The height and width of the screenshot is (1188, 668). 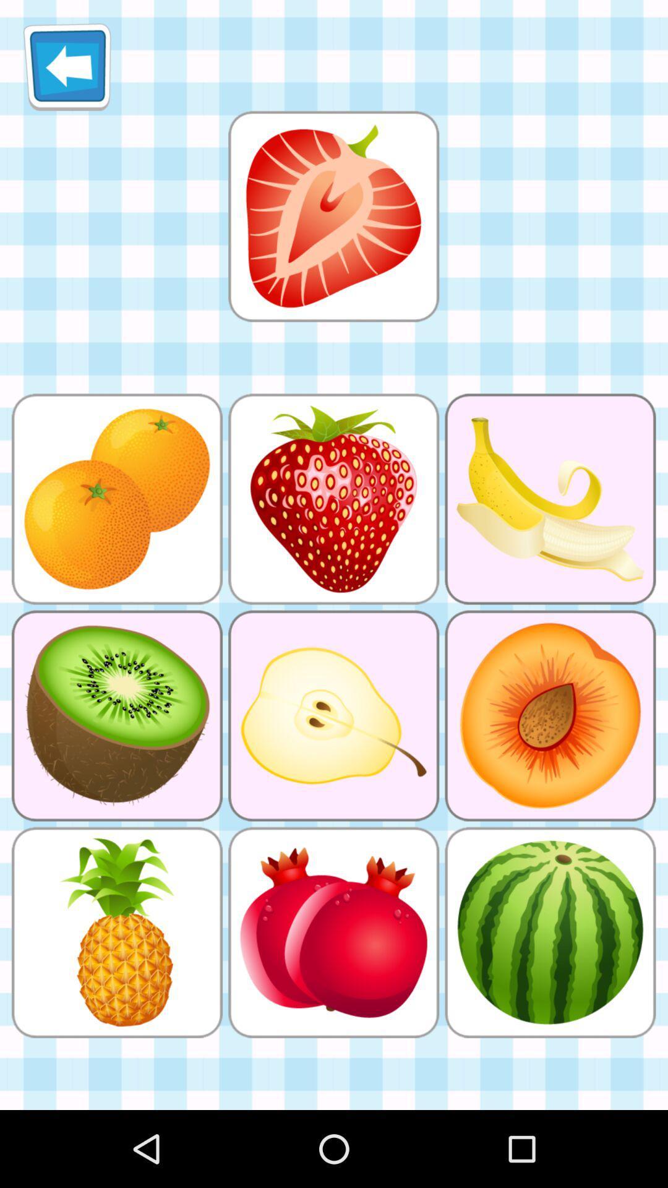 What do you see at coordinates (333, 216) in the screenshot?
I see `images` at bounding box center [333, 216].